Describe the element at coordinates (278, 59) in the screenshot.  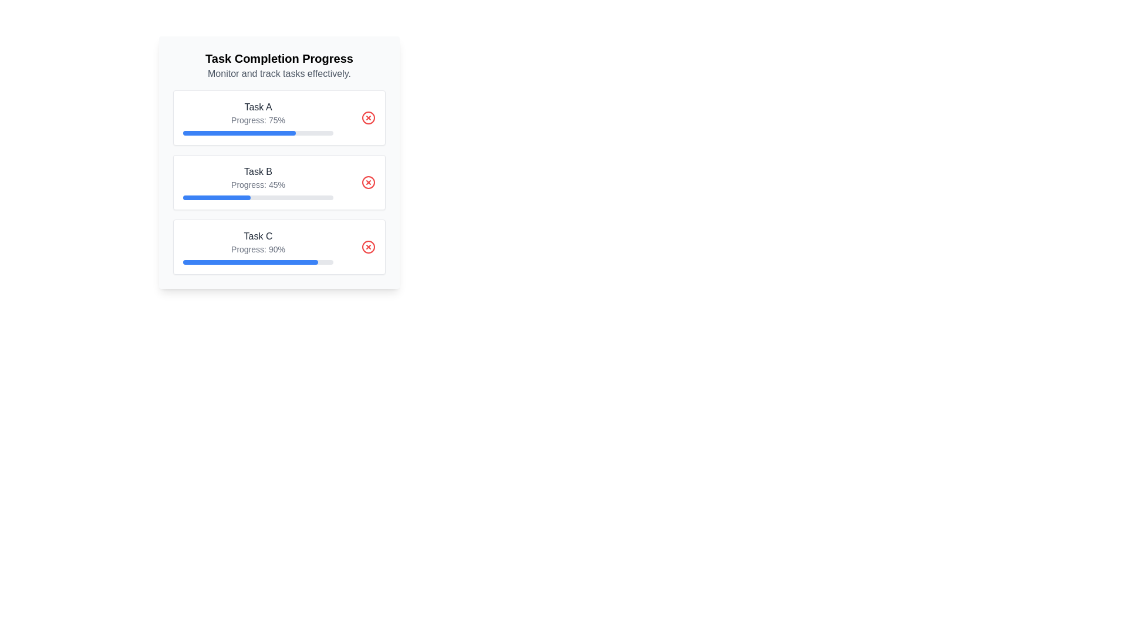
I see `the 'Task Completion Progress' text label which is styled as a bold header at the top of the component` at that location.